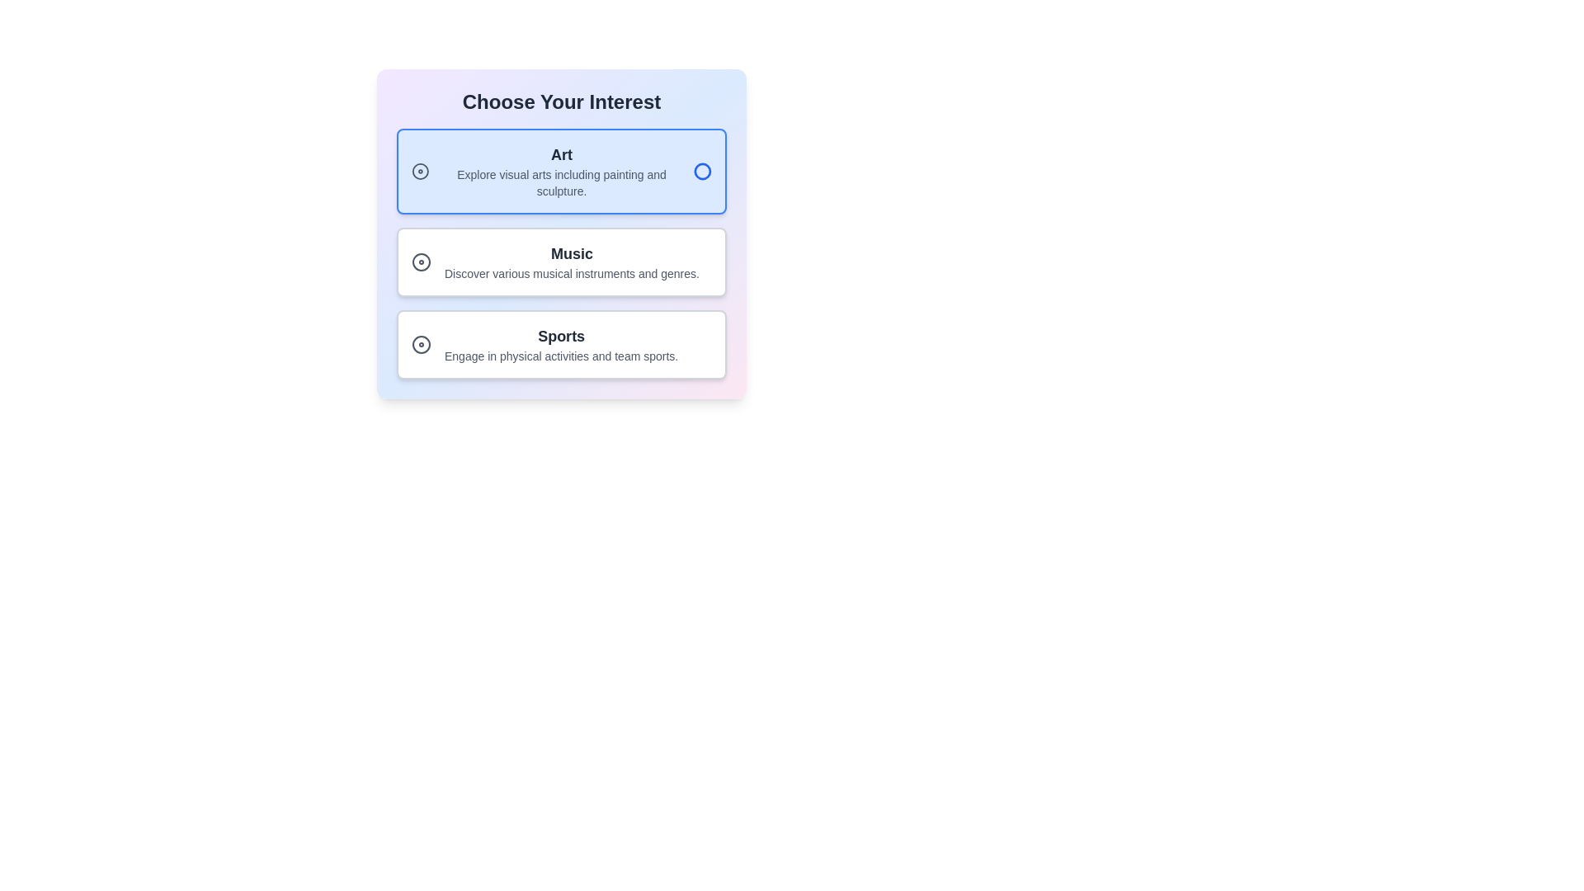 The height and width of the screenshot is (891, 1584). What do you see at coordinates (420, 172) in the screenshot?
I see `the 'Art' selection option icon located to the far left of the text 'Explore visual arts including painting and sculpture.'` at bounding box center [420, 172].